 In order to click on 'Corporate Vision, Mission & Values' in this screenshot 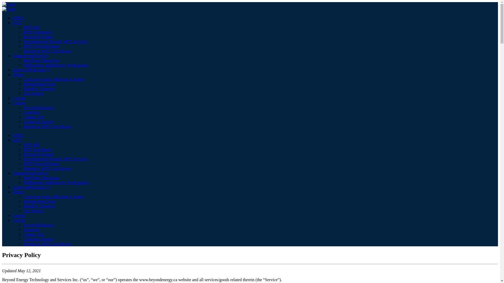, I will do `click(53, 197)`.